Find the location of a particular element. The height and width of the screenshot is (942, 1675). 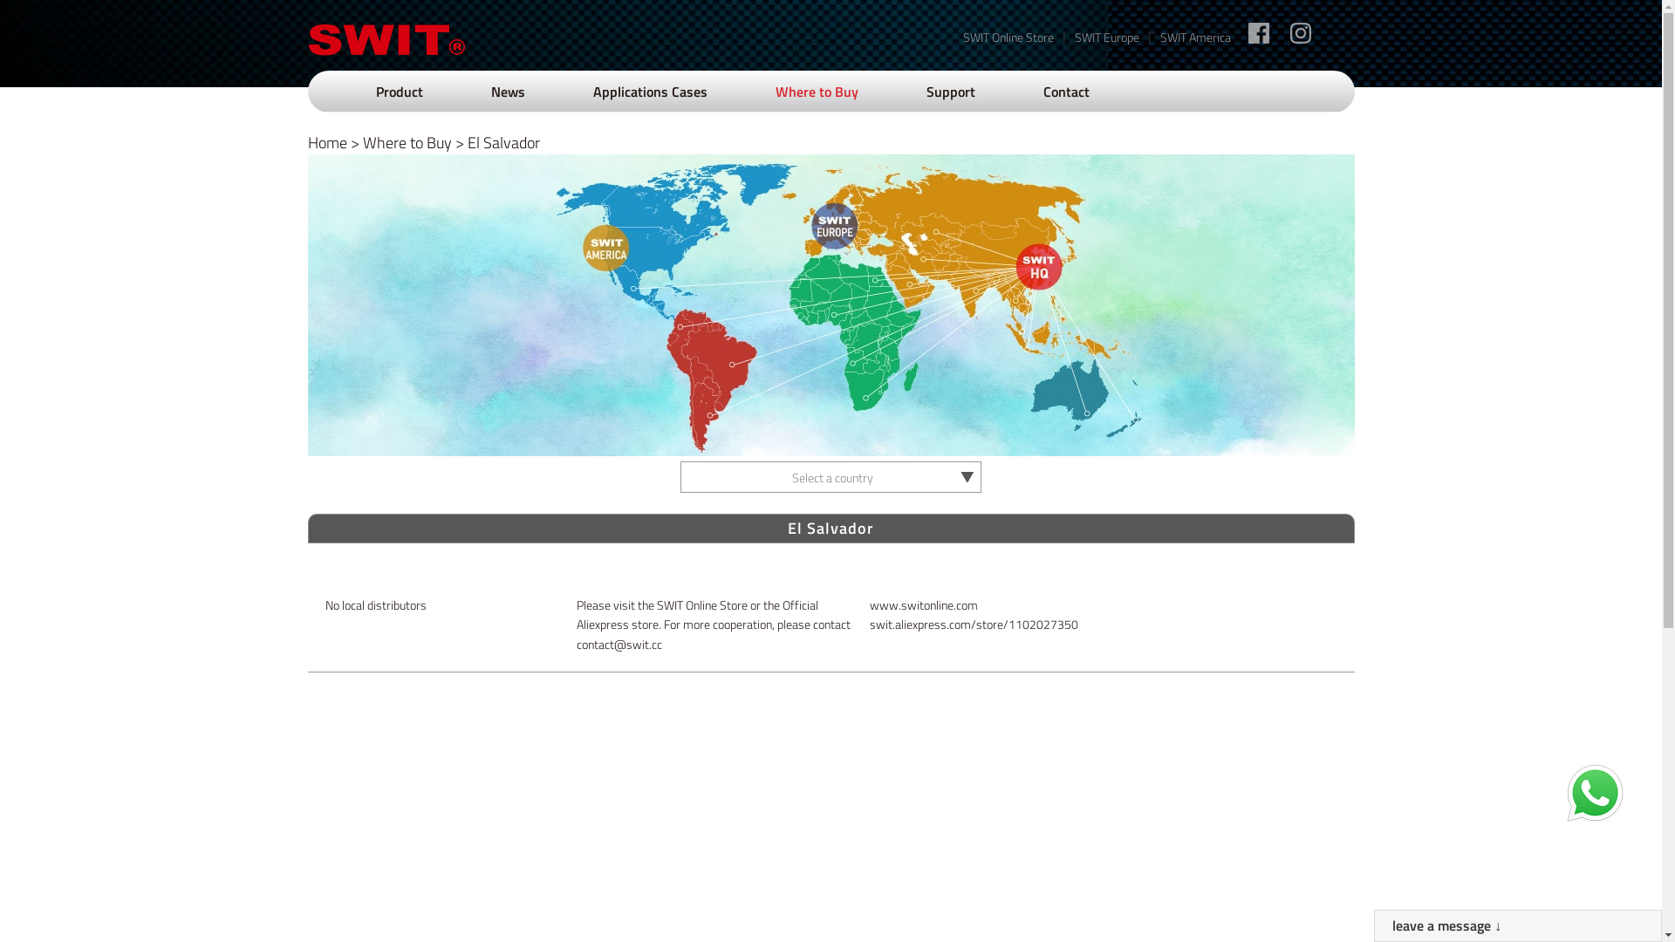

'SWIT Europe' is located at coordinates (1105, 37).